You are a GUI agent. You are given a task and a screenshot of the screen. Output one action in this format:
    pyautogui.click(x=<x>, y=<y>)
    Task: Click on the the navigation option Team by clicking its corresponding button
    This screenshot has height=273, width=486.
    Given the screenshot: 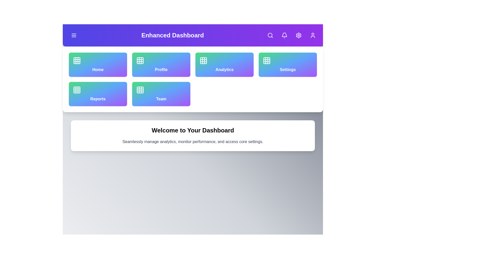 What is the action you would take?
    pyautogui.click(x=161, y=94)
    